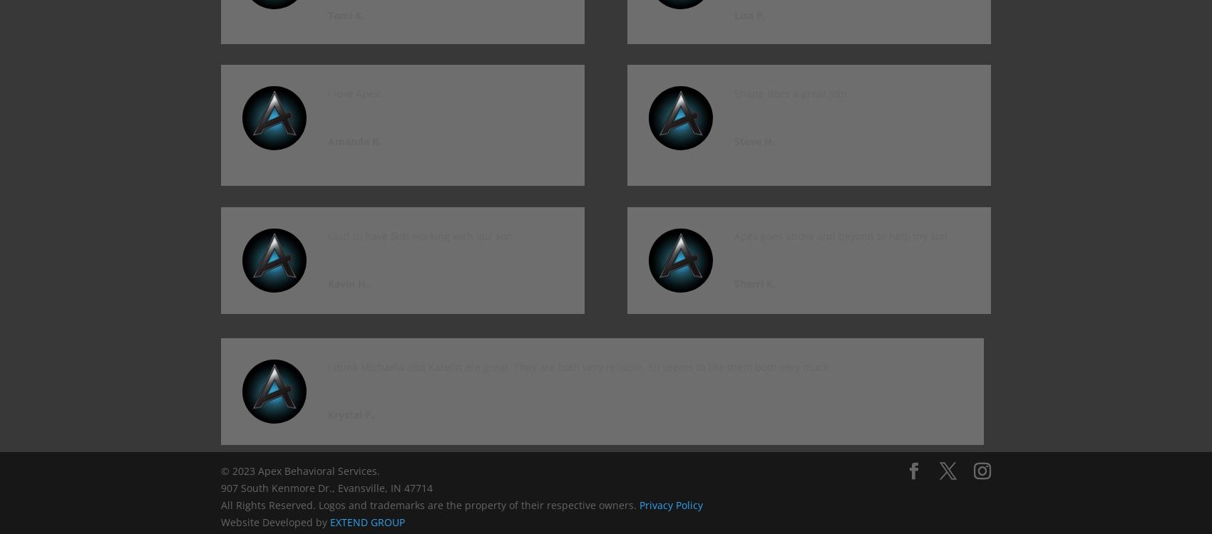 The height and width of the screenshot is (534, 1212). Describe the element at coordinates (328, 14) in the screenshot. I see `'Tami K.'` at that location.